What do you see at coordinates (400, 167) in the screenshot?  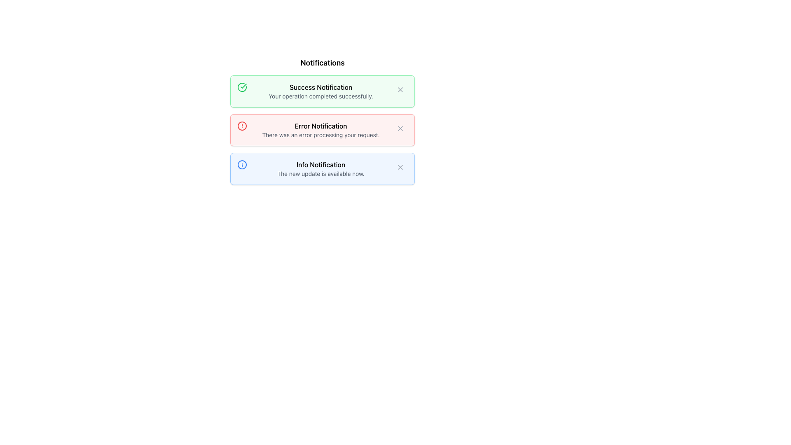 I see `the close button with an 'X' icon on the right side of the 'Info Notification' panel to change its background color to gray` at bounding box center [400, 167].